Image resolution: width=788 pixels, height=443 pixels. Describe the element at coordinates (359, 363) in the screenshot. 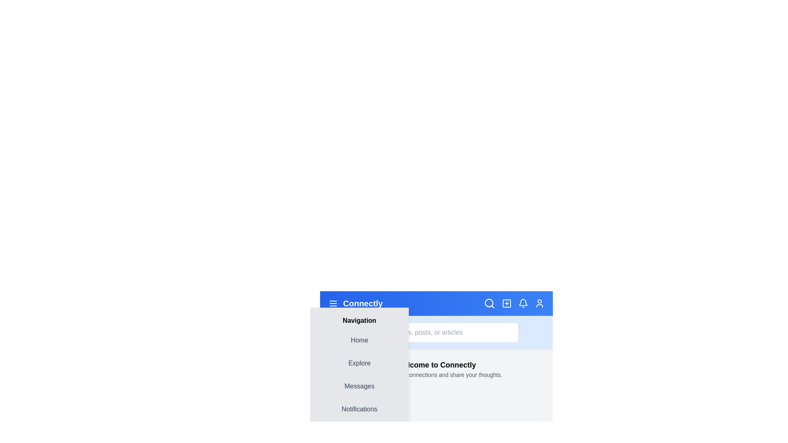

I see `the navigation menu item Explore` at that location.